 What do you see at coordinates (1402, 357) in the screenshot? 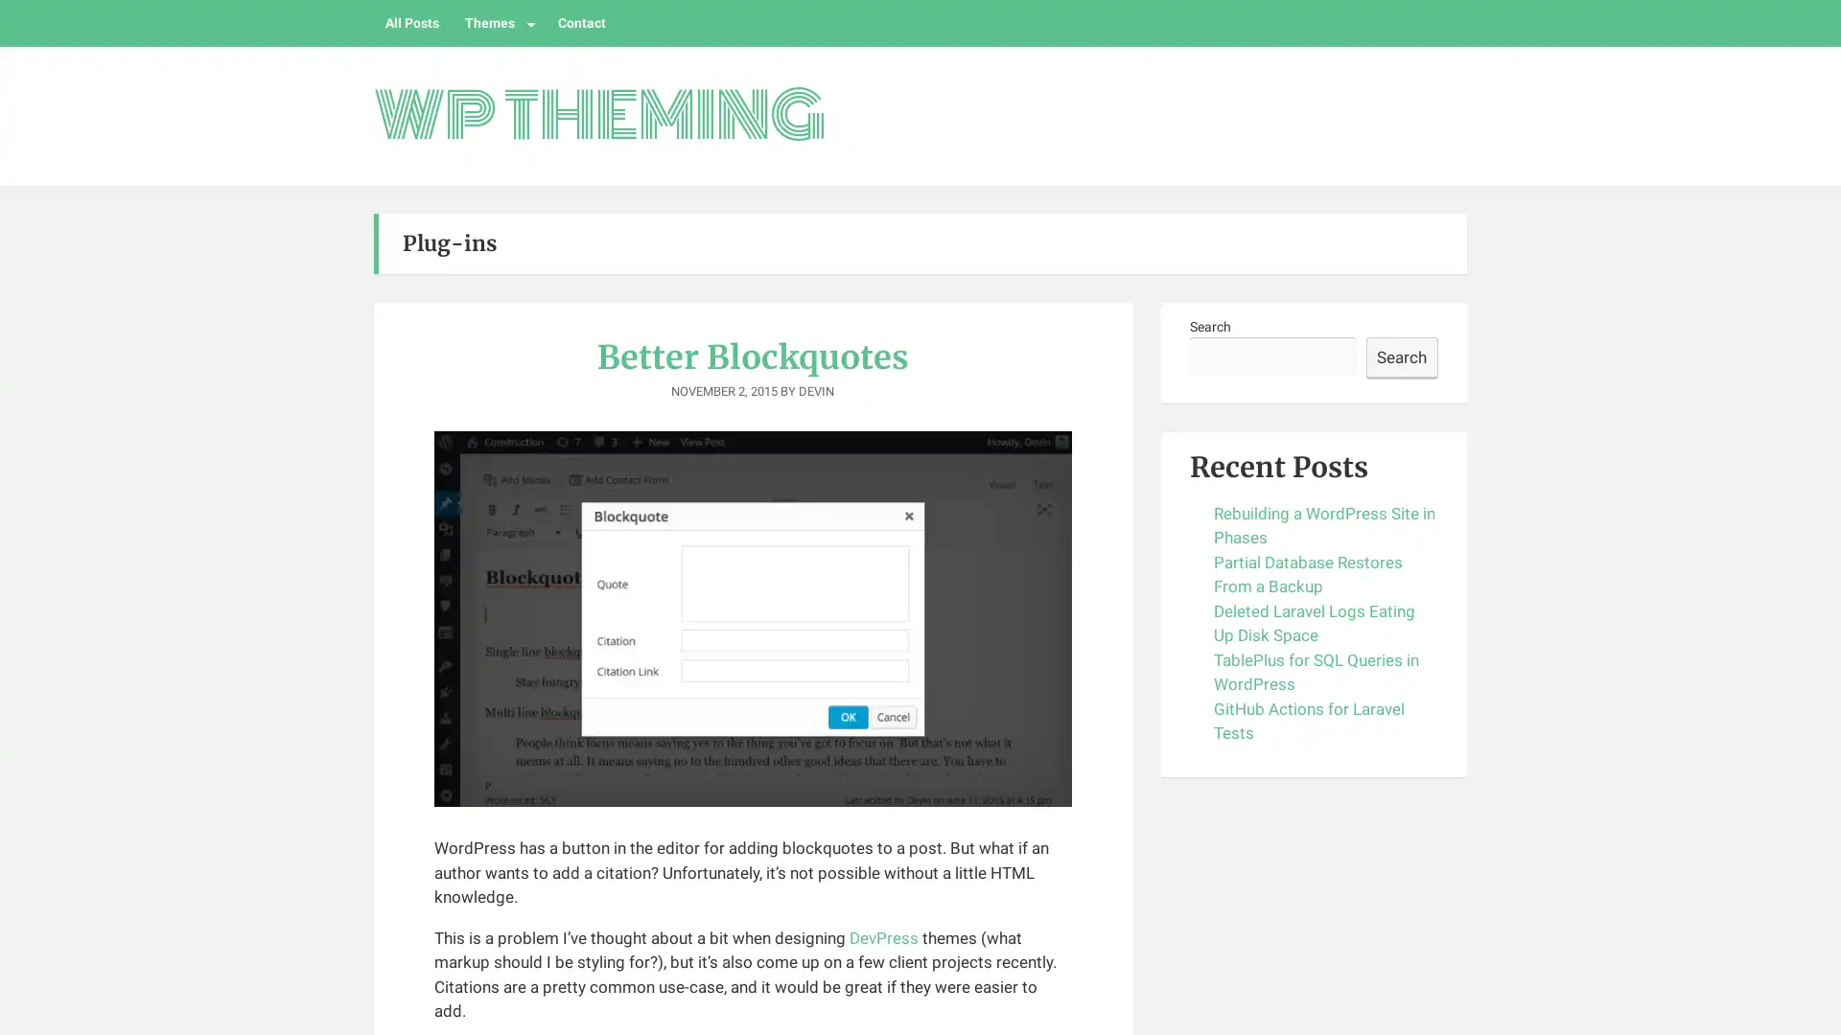
I see `Search` at bounding box center [1402, 357].